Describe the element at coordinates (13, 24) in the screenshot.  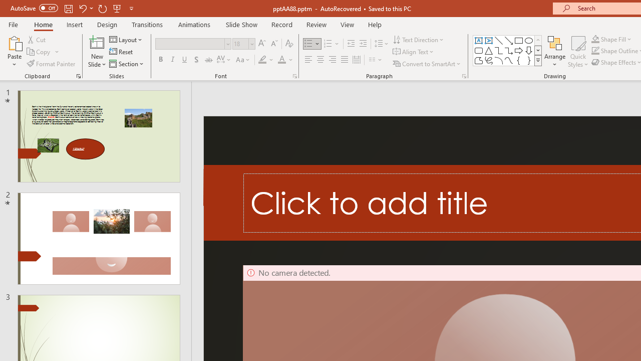
I see `'File Tab'` at that location.